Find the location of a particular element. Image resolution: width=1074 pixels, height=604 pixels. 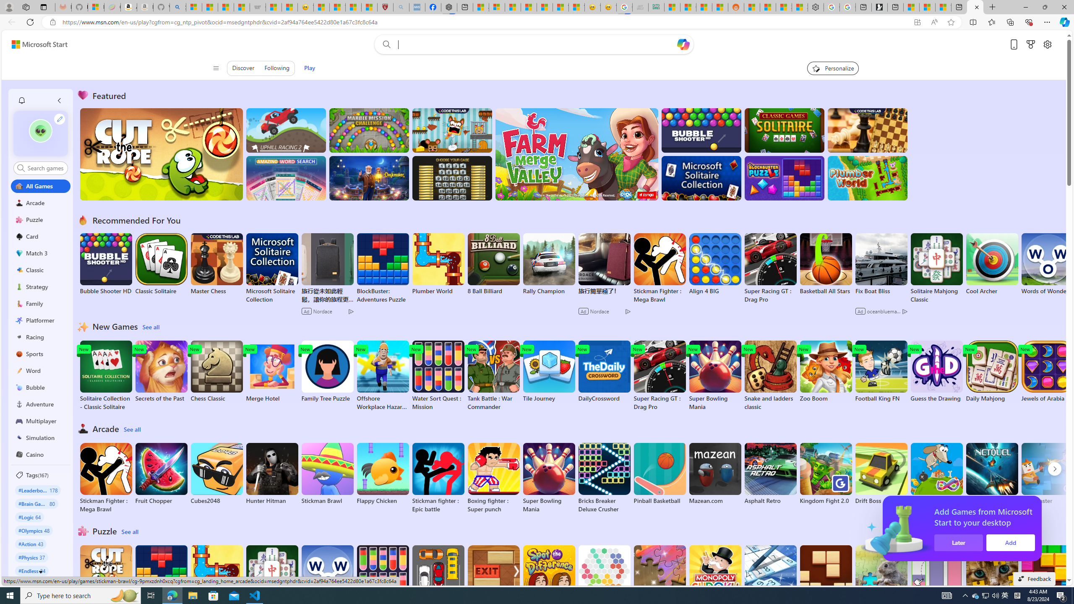

'Marble Mission : Challenge' is located at coordinates (369, 130).